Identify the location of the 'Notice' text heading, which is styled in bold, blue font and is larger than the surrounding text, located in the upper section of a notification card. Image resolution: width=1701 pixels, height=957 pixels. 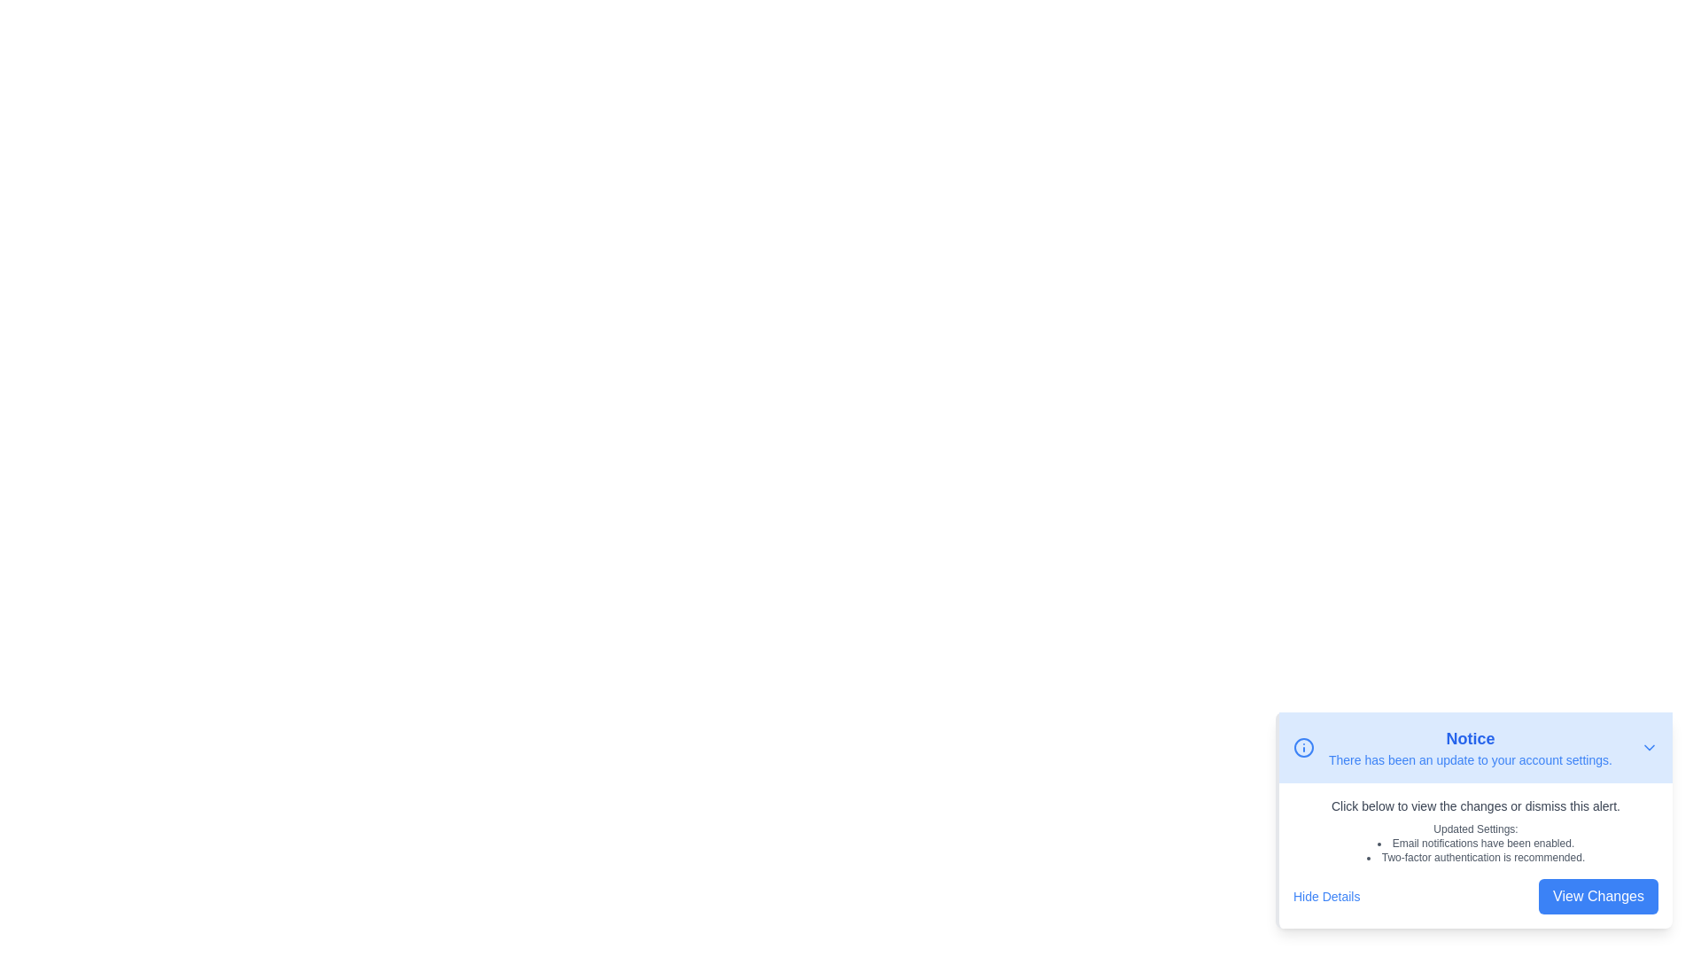
(1471, 738).